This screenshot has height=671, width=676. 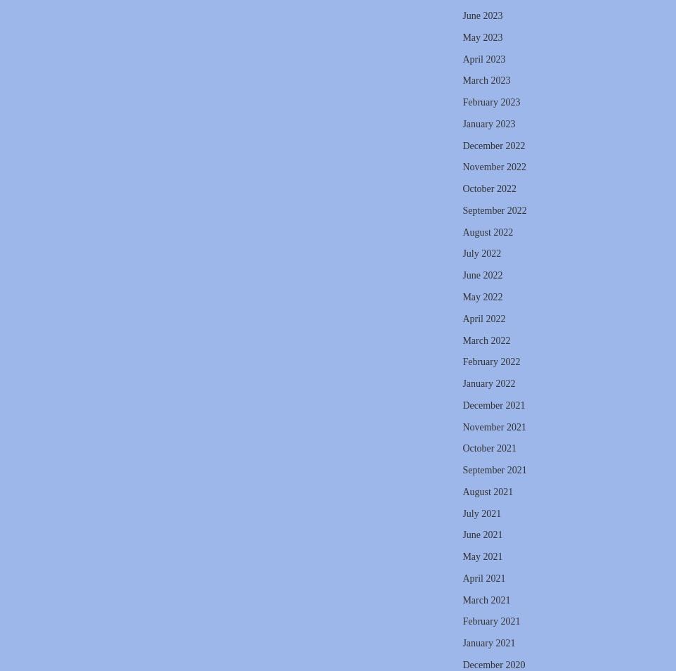 What do you see at coordinates (493, 144) in the screenshot?
I see `'December 2022'` at bounding box center [493, 144].